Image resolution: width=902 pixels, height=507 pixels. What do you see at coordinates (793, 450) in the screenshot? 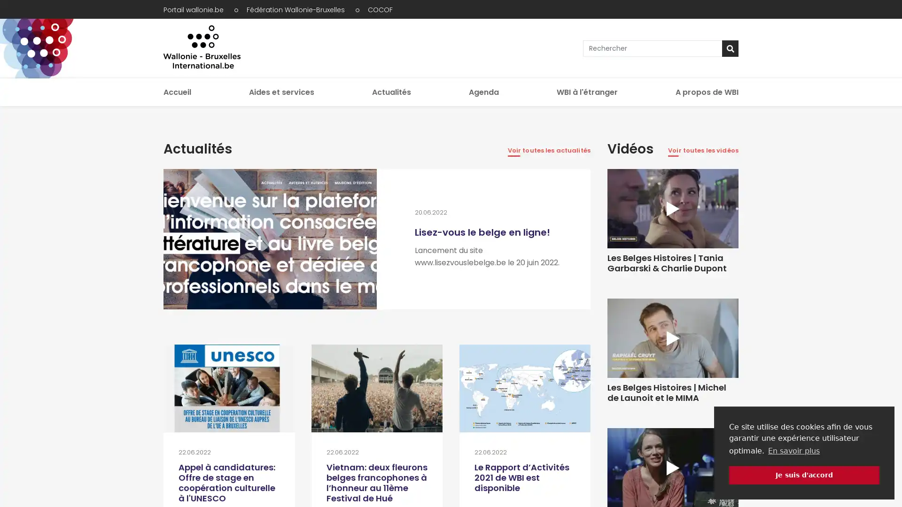
I see `learn more about cookies` at bounding box center [793, 450].